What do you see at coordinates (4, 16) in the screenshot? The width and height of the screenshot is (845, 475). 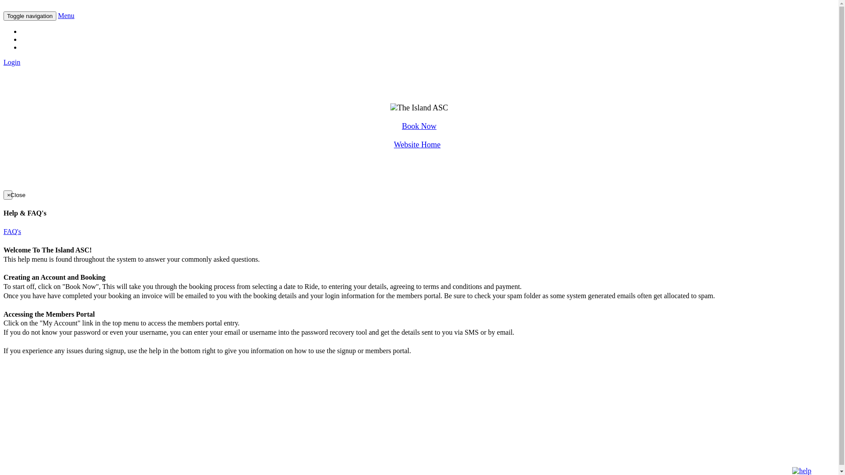 I see `'Toggle navigation'` at bounding box center [4, 16].